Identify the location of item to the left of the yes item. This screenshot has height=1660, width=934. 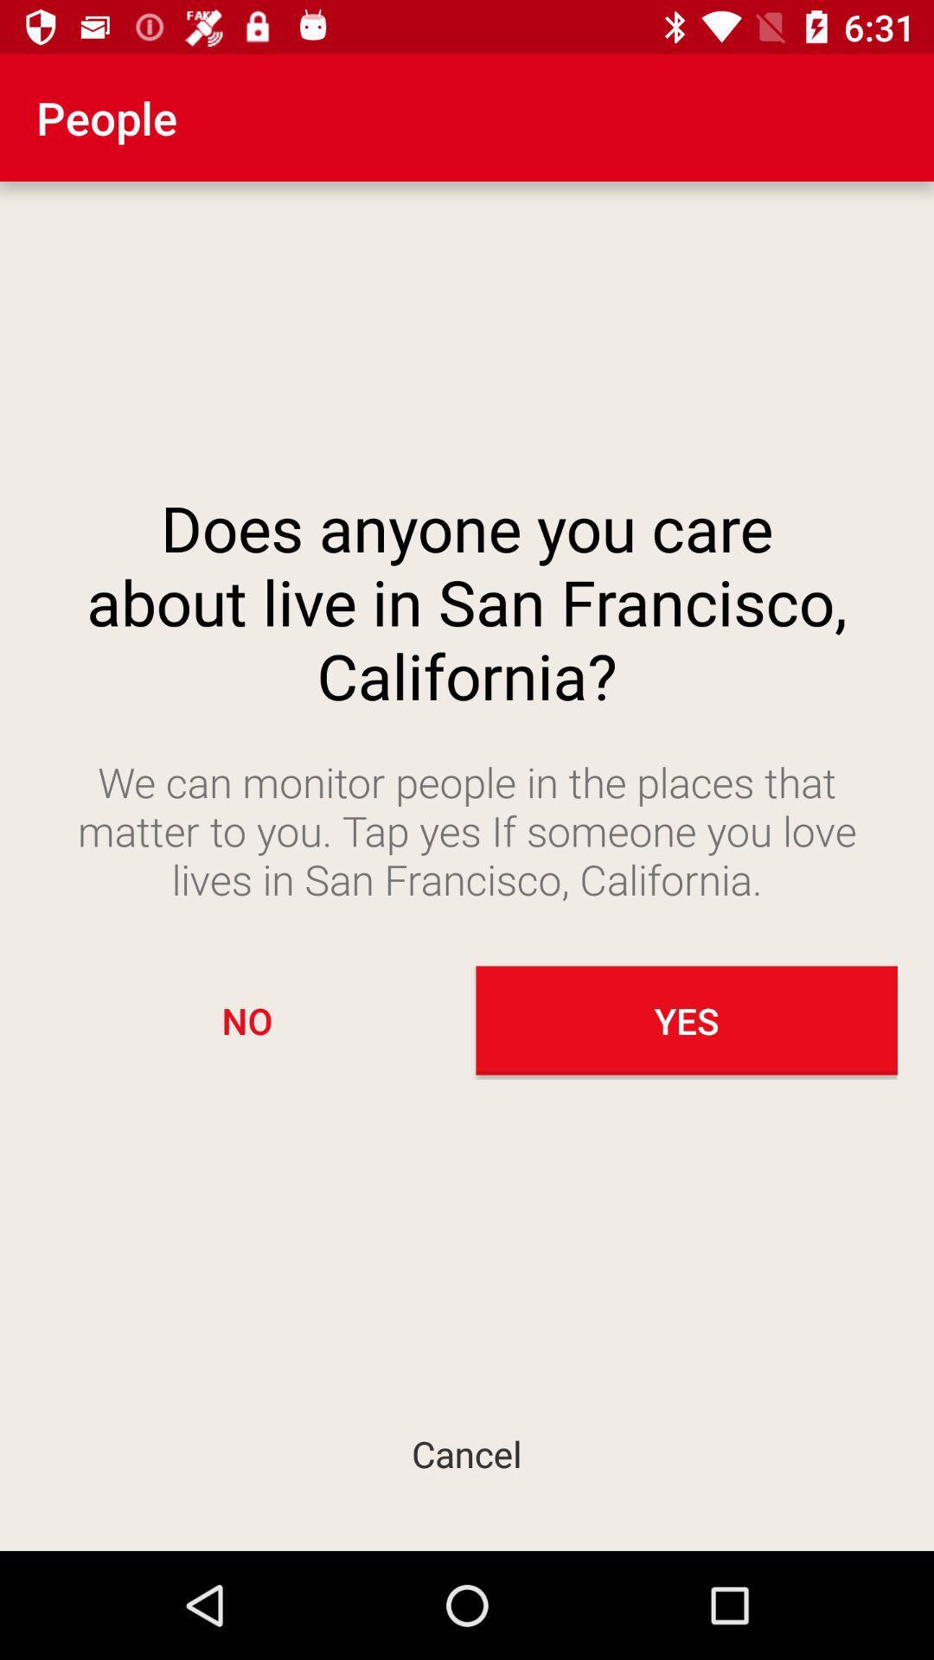
(246, 1020).